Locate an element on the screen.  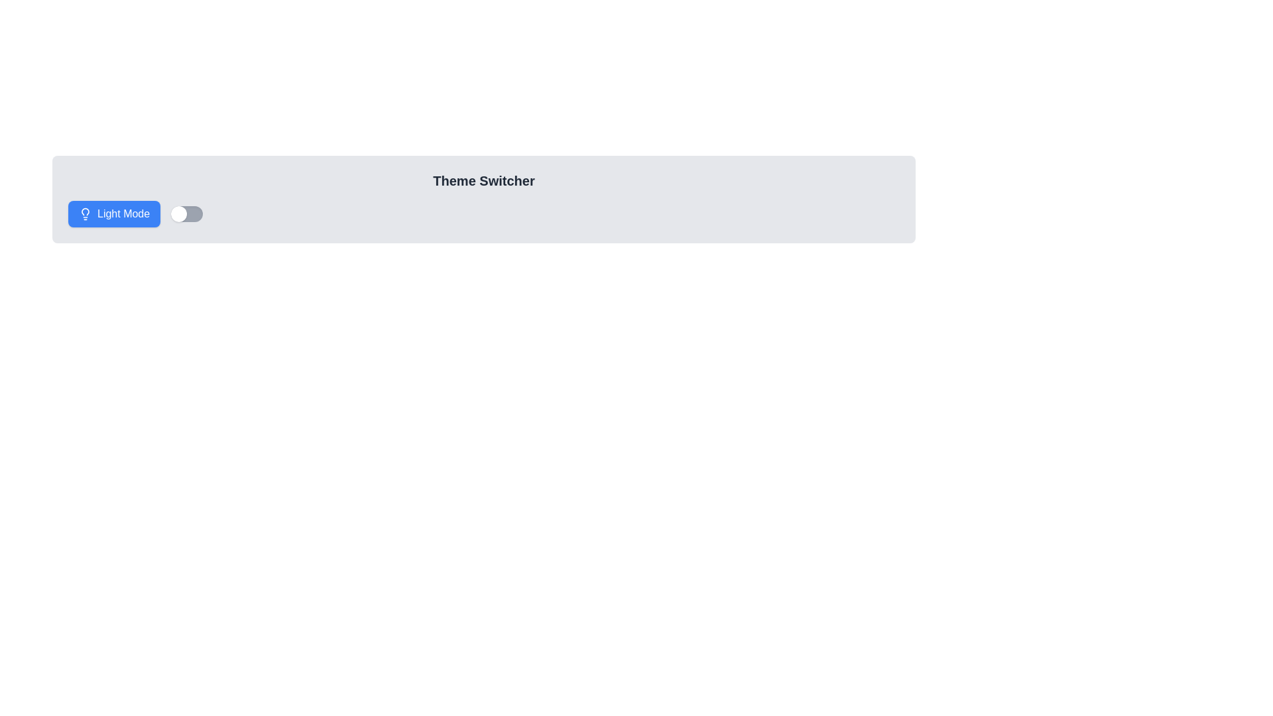
the small circular toggle handle positioned at the left edge of the toggle switch is located at coordinates (178, 213).